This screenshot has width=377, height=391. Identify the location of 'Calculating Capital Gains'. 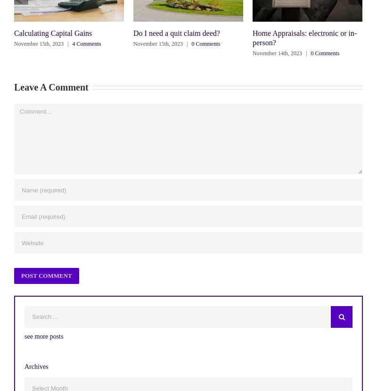
(14, 33).